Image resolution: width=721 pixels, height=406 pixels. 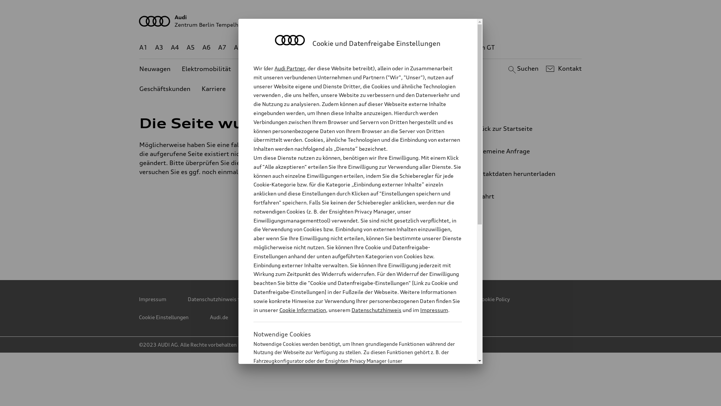 What do you see at coordinates (207, 47) in the screenshot?
I see `'A6'` at bounding box center [207, 47].